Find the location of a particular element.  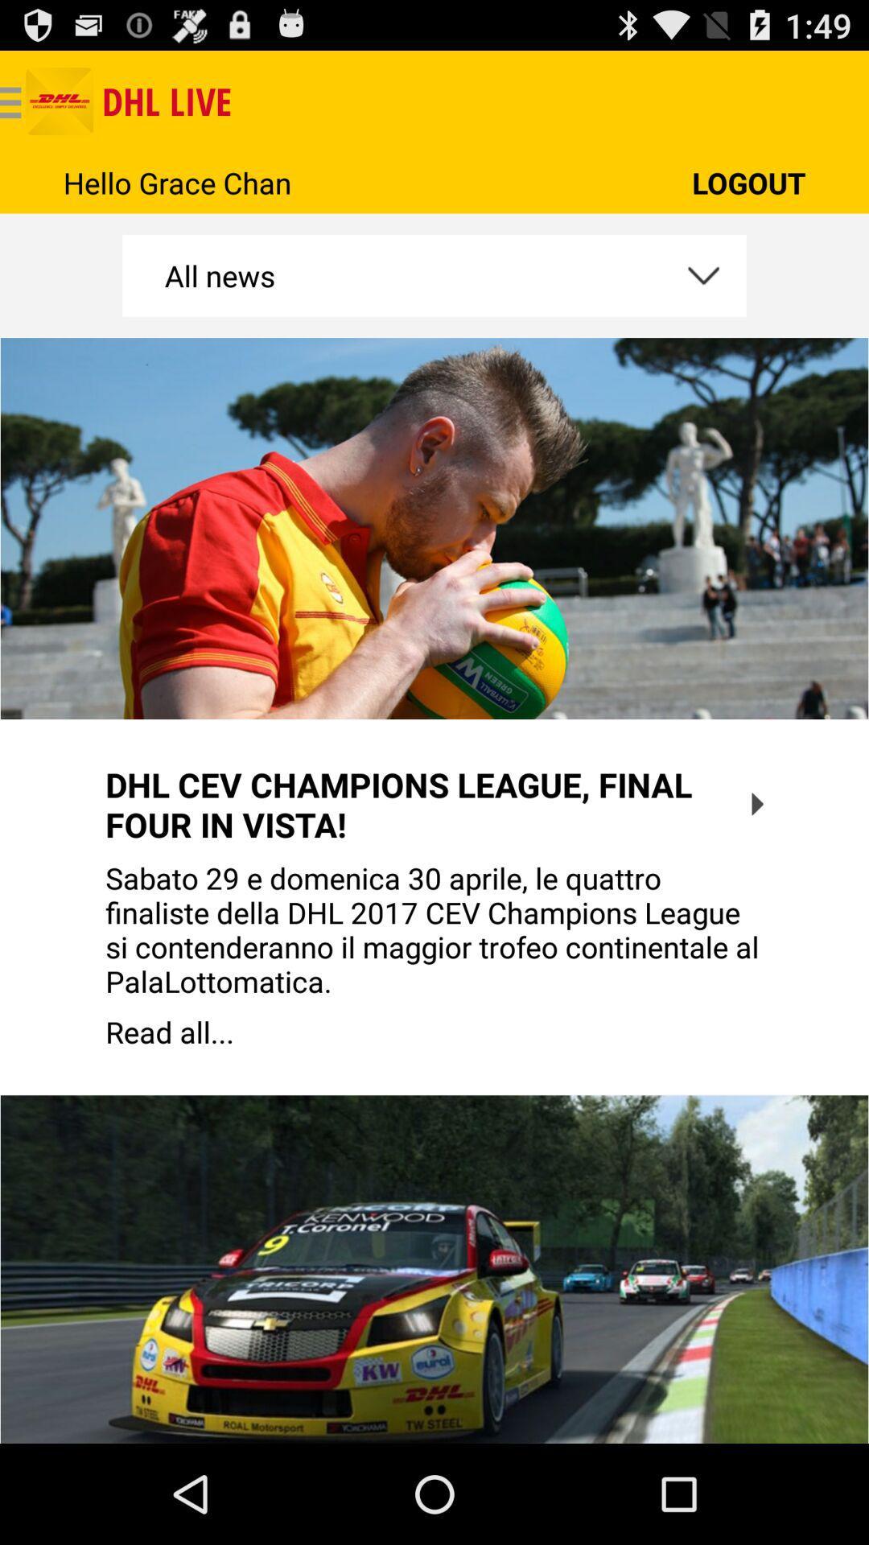

the icon next to the hello grace chan app is located at coordinates (748, 183).